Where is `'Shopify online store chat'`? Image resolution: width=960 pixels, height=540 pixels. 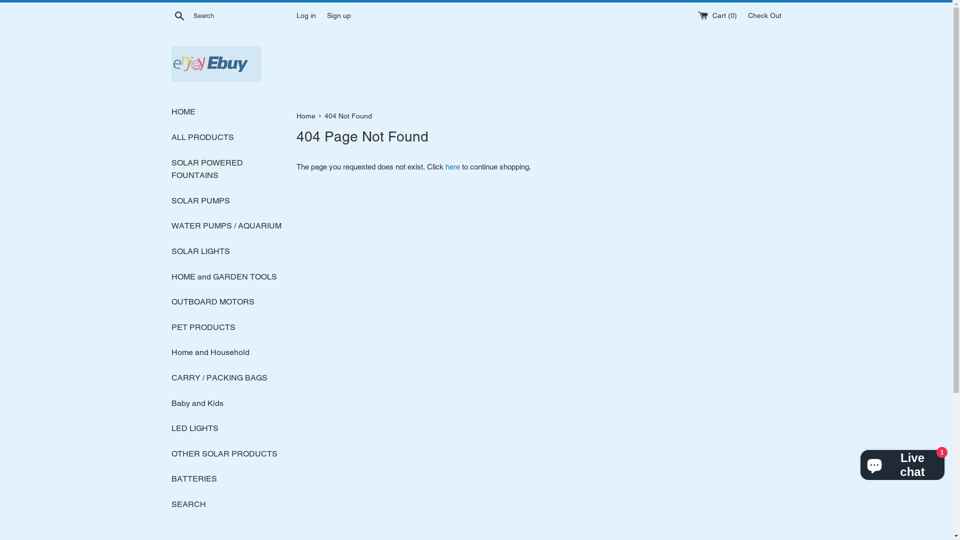
'Shopify online store chat' is located at coordinates (902, 462).